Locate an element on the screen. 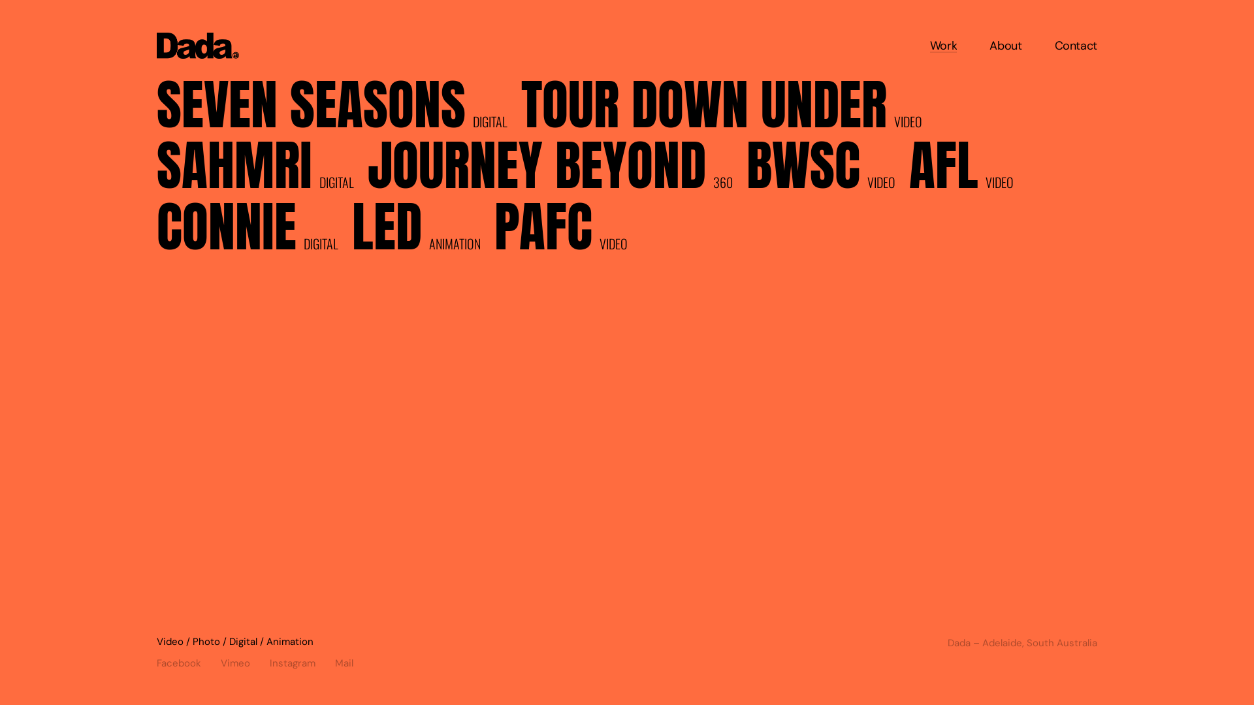 The height and width of the screenshot is (705, 1254). 'Instagram' is located at coordinates (301, 660).